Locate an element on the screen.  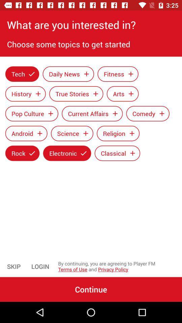
item to the left of the login item is located at coordinates (14, 266).